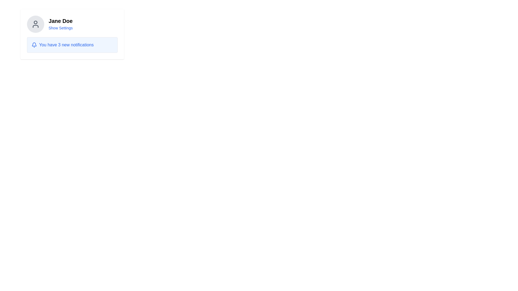 Image resolution: width=518 pixels, height=291 pixels. Describe the element at coordinates (34, 44) in the screenshot. I see `the notification icon located to the left of the text 'You have 3 new notifications' in the notification panel, which visually indicates notifications` at that location.